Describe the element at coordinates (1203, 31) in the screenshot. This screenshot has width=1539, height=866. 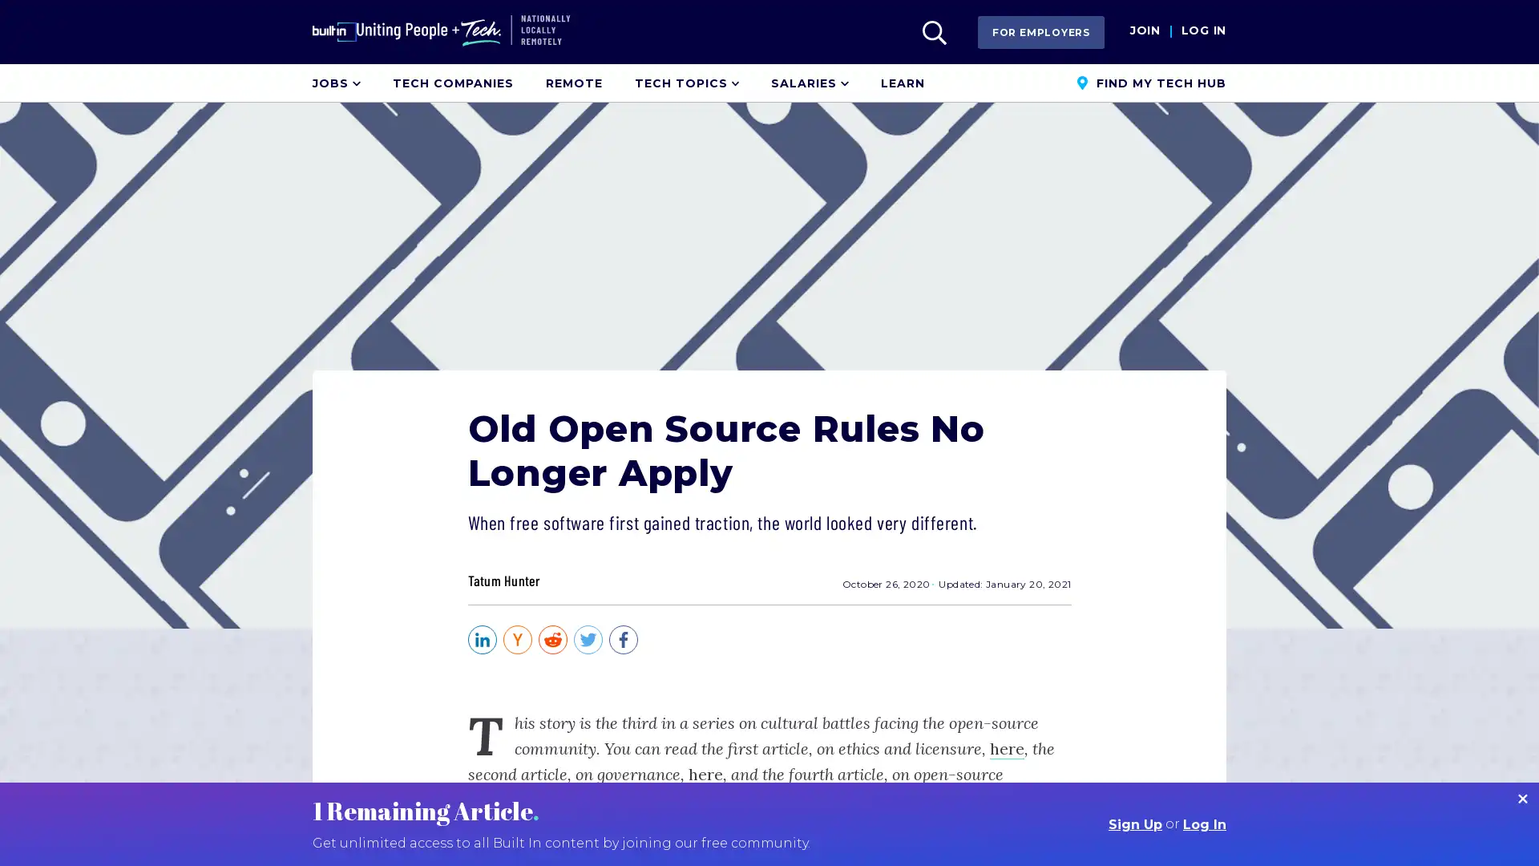
I see `LOG IN` at that location.